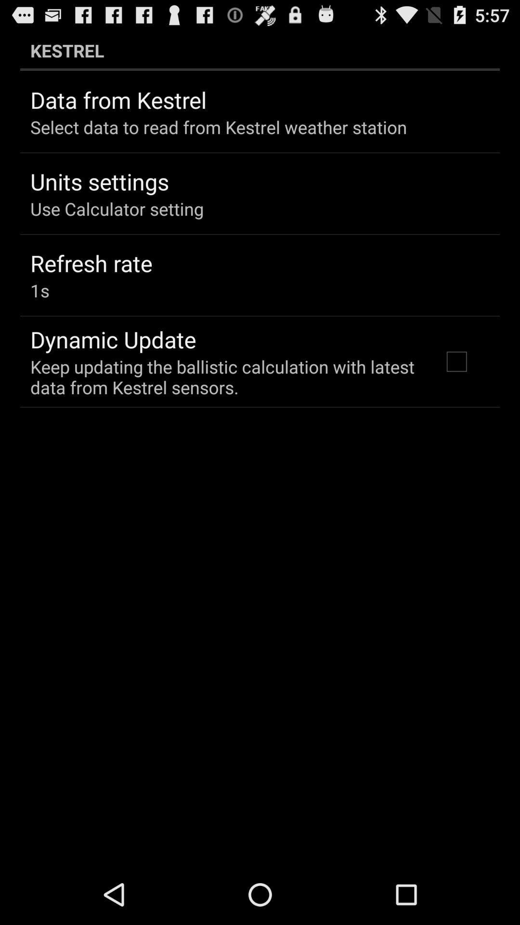  I want to click on dynamic update icon, so click(113, 339).